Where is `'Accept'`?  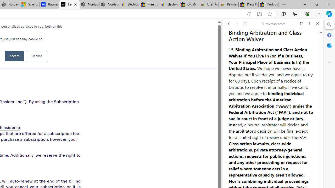 'Accept' is located at coordinates (14, 56).